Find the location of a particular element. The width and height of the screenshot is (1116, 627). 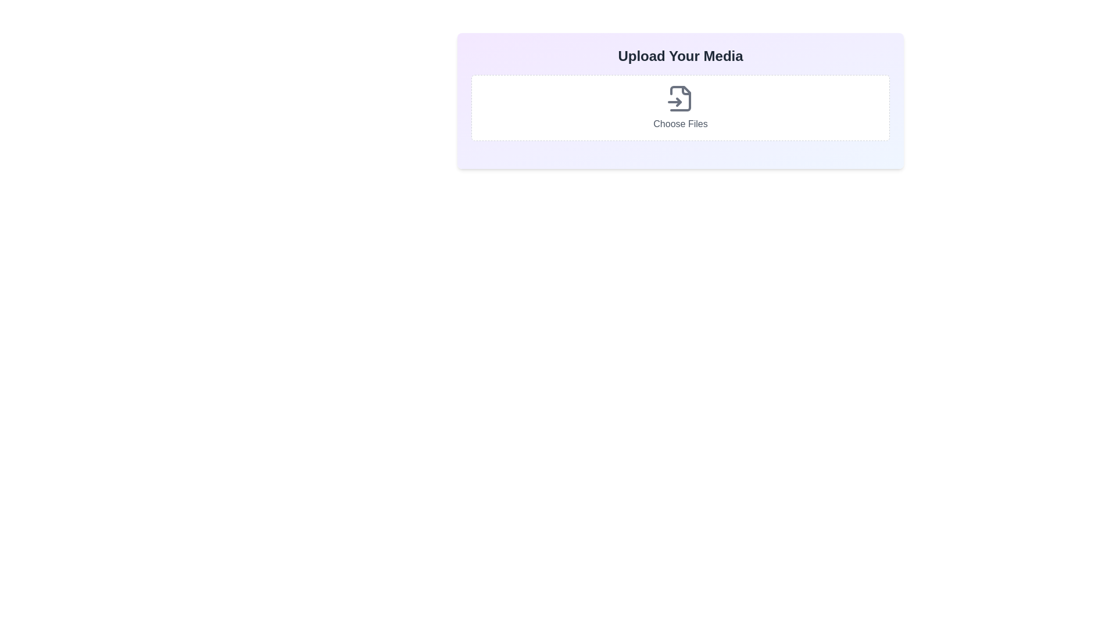

the File input button located below the 'Upload Your Media' heading is located at coordinates (681, 107).